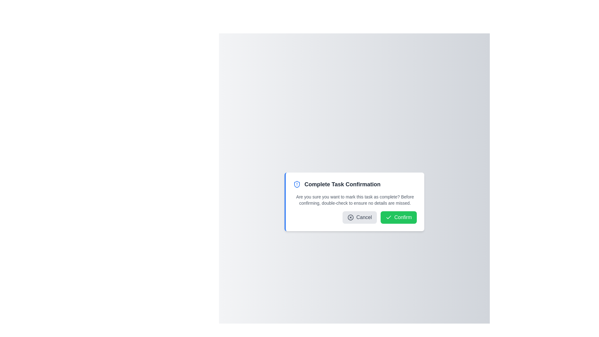 Image resolution: width=599 pixels, height=337 pixels. I want to click on the cancellation icon located on the left side of the 'Cancel' button, so click(351, 217).